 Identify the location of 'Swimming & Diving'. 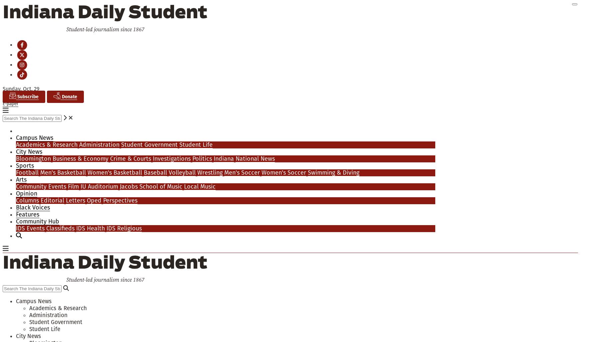
(333, 172).